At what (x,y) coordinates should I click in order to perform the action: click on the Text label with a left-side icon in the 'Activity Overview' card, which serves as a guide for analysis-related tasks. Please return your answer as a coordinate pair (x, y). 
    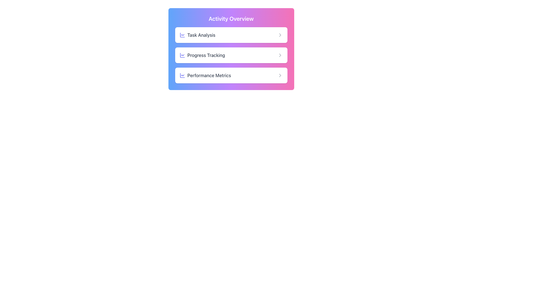
    Looking at the image, I should click on (197, 35).